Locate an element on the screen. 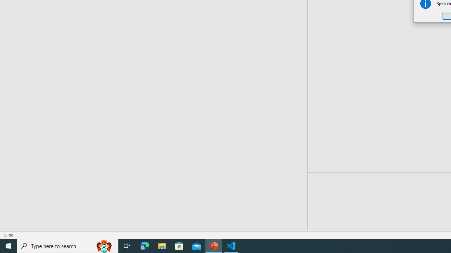  'Visual Studio Code - 1 running window' is located at coordinates (231, 245).